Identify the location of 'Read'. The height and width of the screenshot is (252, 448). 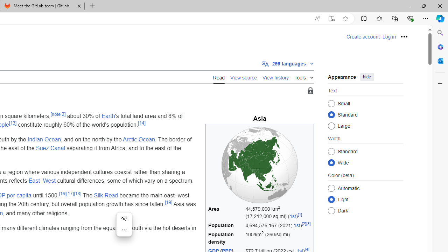
(218, 77).